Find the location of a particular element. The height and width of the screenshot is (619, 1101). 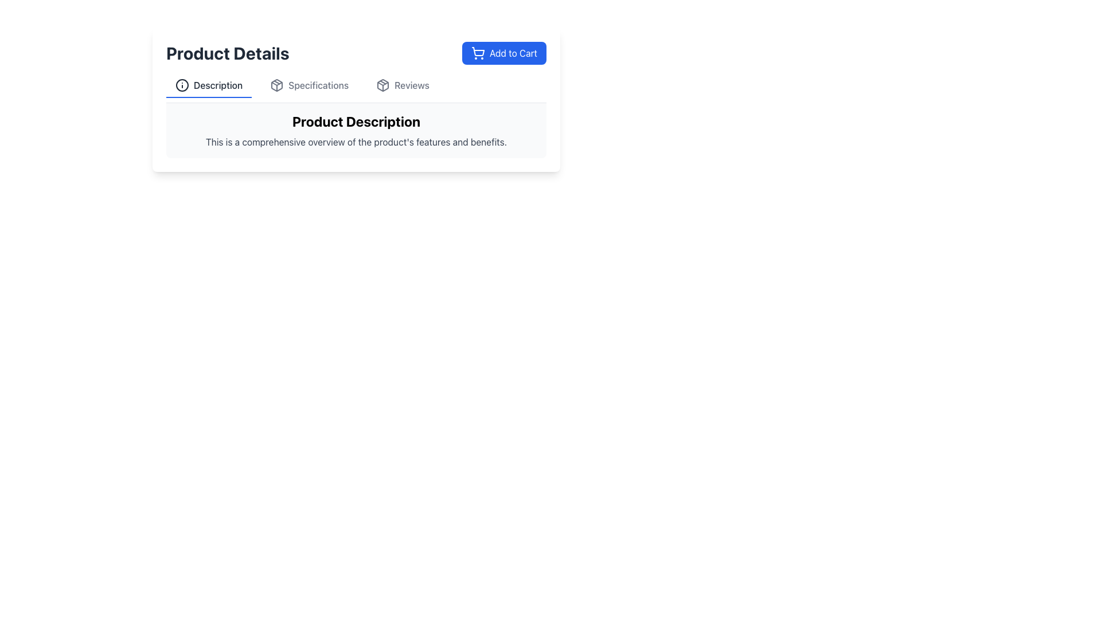

the third tab from the left in the horizontal tab row under the 'Product Details' section to switch to the 'Reviews' section is located at coordinates (403, 85).